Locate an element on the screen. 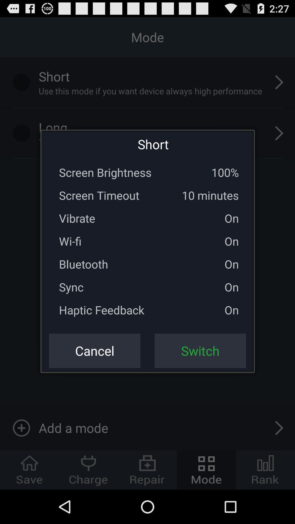  the app below the haptic feedback is located at coordinates (94, 351).